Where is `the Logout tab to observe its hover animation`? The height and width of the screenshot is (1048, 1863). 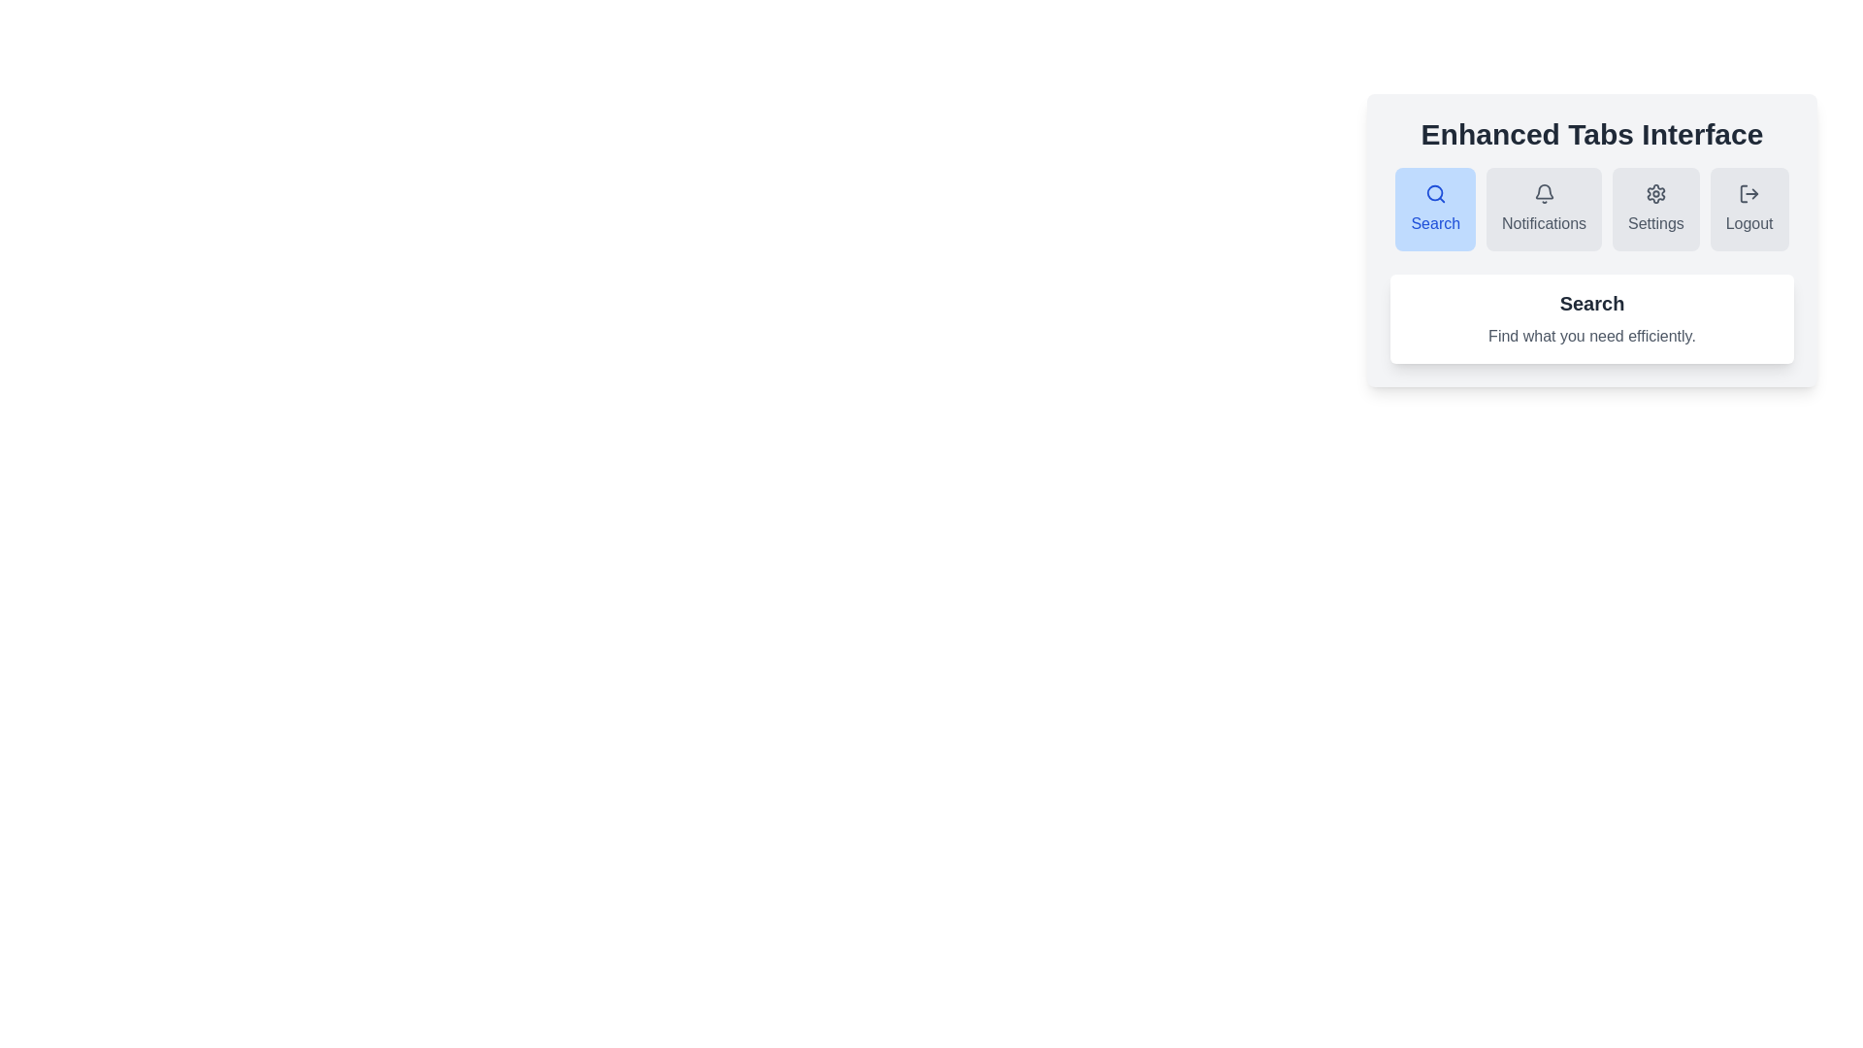 the Logout tab to observe its hover animation is located at coordinates (1749, 210).